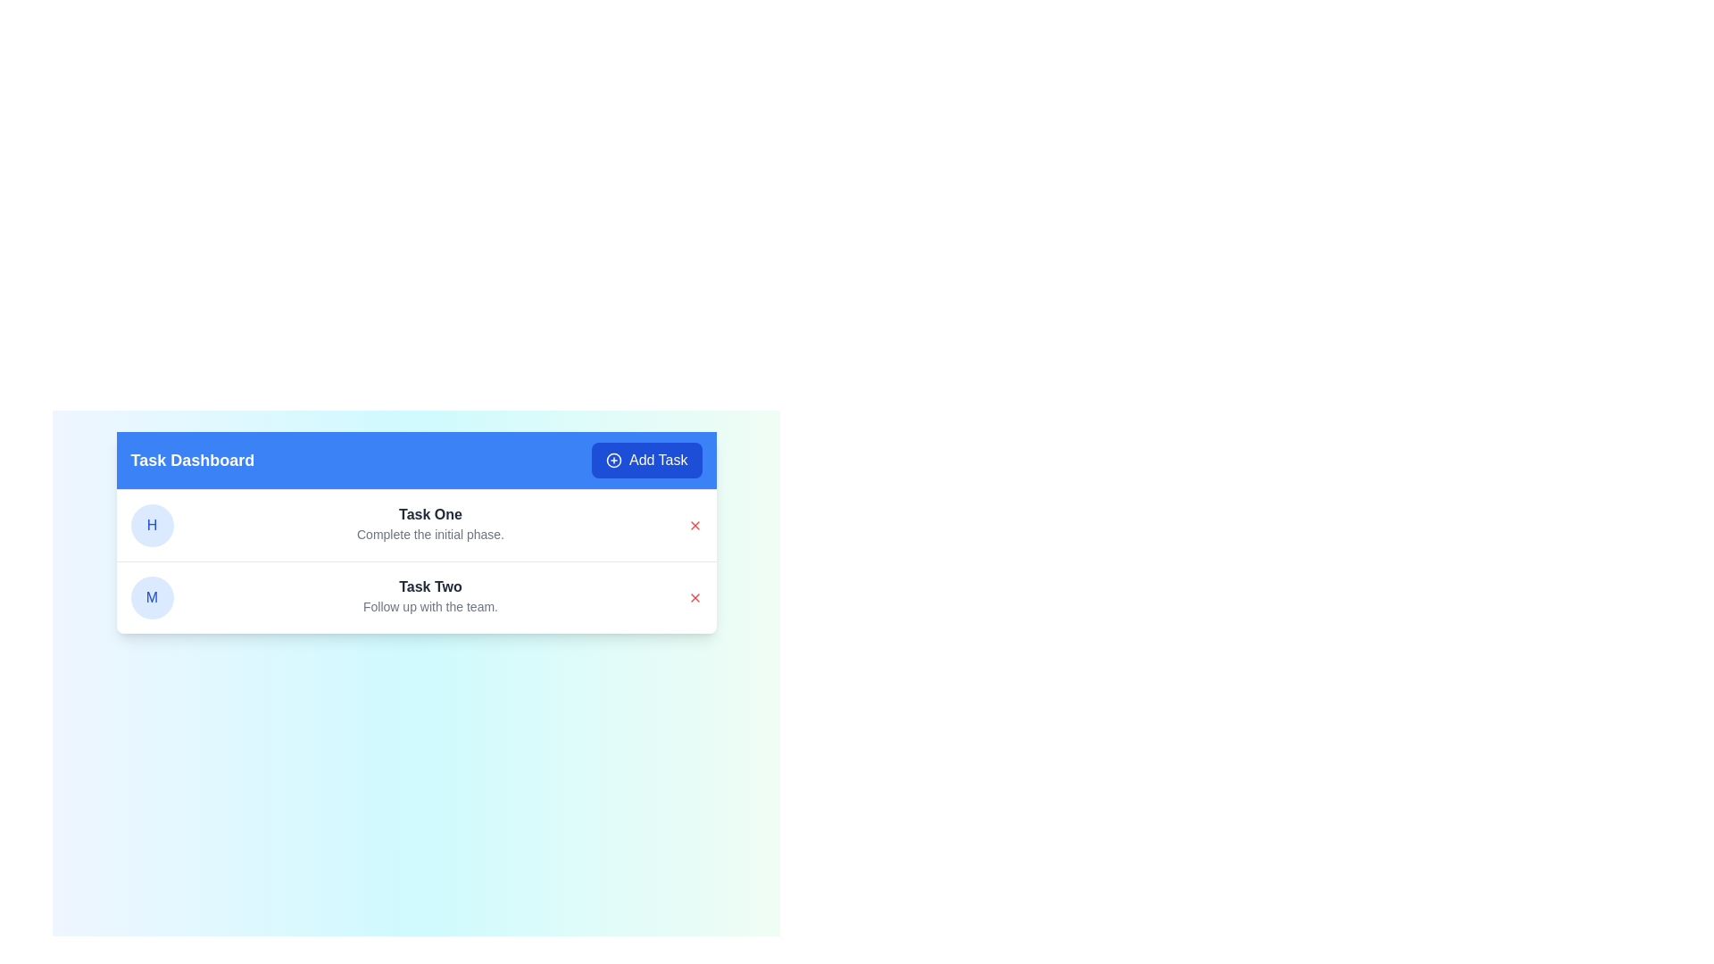 This screenshot has height=964, width=1714. Describe the element at coordinates (694, 598) in the screenshot. I see `the delete button located on the rightmost side of the second task row, which is associated with the task labeled 'Task Two'` at that location.